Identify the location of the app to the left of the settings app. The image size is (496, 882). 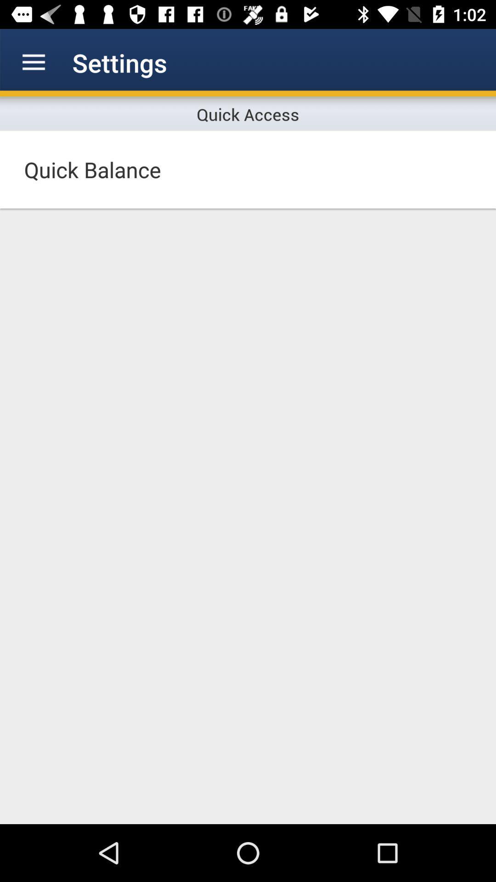
(33, 62).